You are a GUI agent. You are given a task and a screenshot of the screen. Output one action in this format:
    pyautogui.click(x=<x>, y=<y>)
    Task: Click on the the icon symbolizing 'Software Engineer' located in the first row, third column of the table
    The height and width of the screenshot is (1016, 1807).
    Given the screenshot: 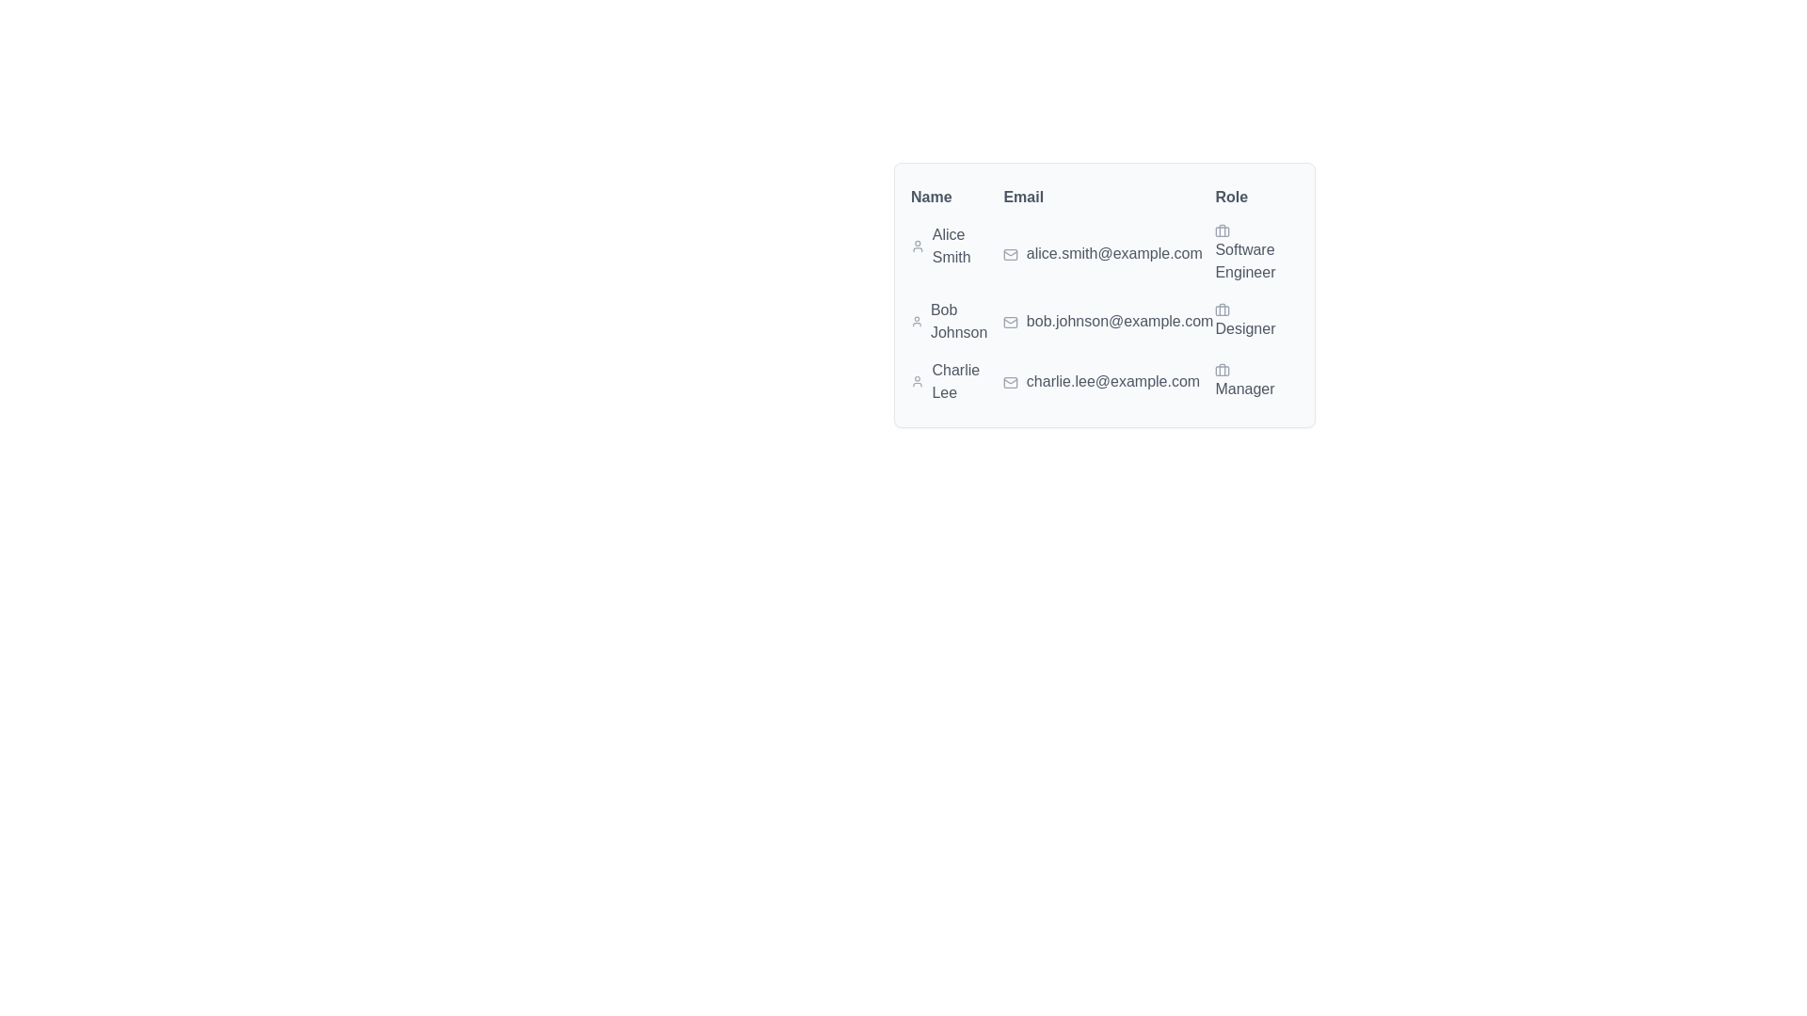 What is the action you would take?
    pyautogui.click(x=1223, y=230)
    